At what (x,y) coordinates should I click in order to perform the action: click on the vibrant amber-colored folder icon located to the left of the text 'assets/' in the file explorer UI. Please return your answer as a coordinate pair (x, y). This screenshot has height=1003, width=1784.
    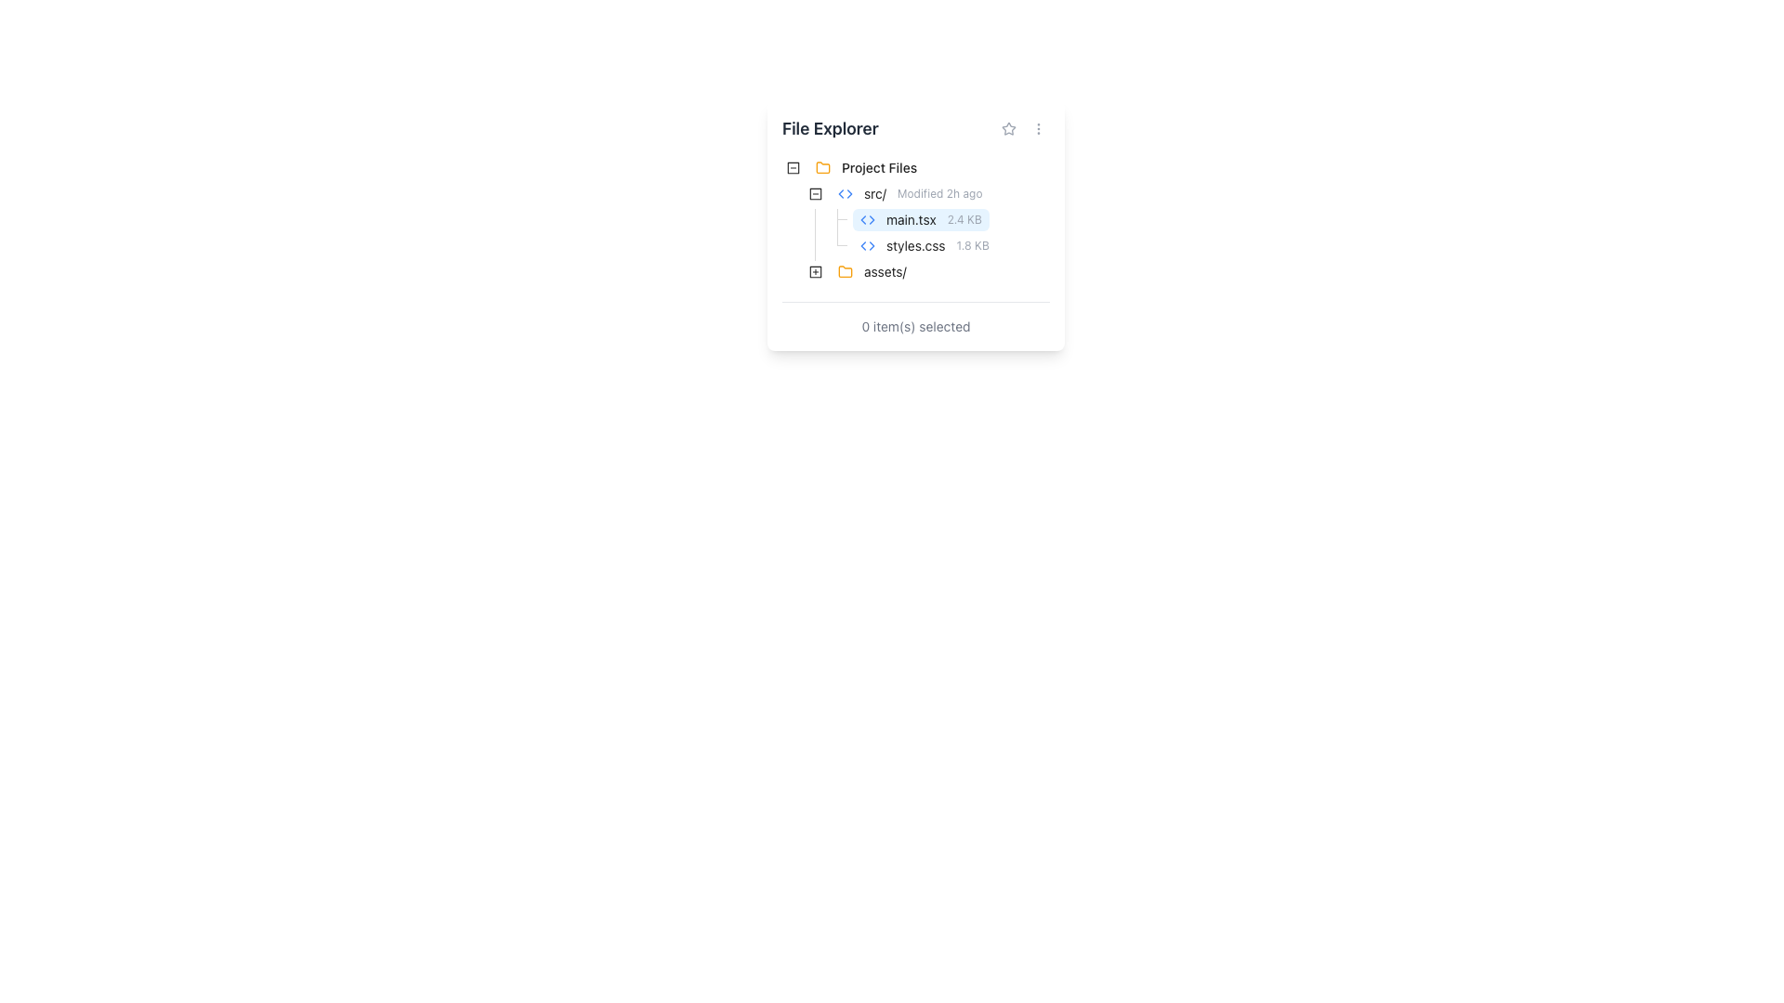
    Looking at the image, I should click on (845, 272).